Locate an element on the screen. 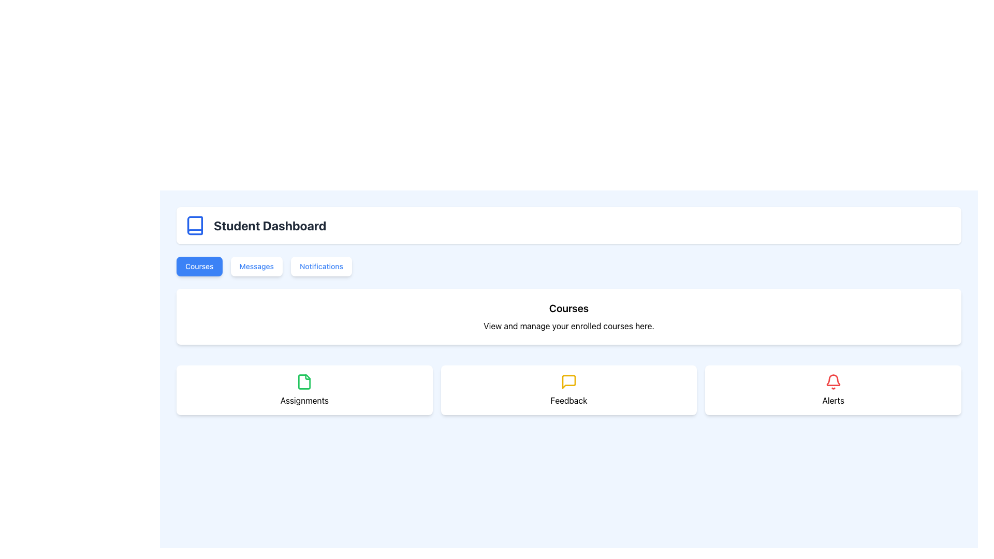  the prominent 'Student Dashboard' text label styled in bold, large, gray fonts located in the upper-left section of the interface, beside a blue book icon is located at coordinates (270, 225).